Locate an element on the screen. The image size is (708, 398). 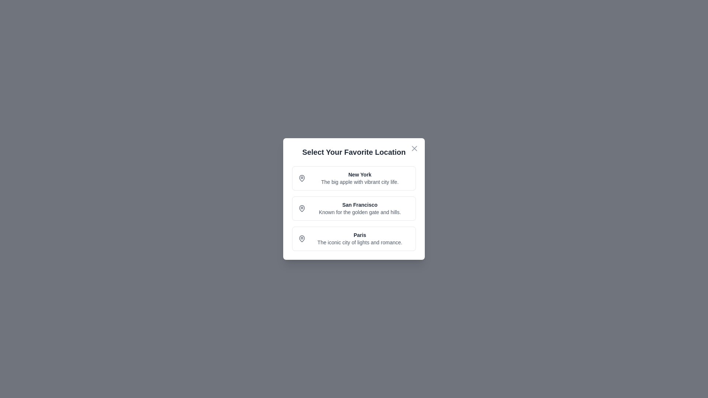
the location card for Paris is located at coordinates (354, 239).